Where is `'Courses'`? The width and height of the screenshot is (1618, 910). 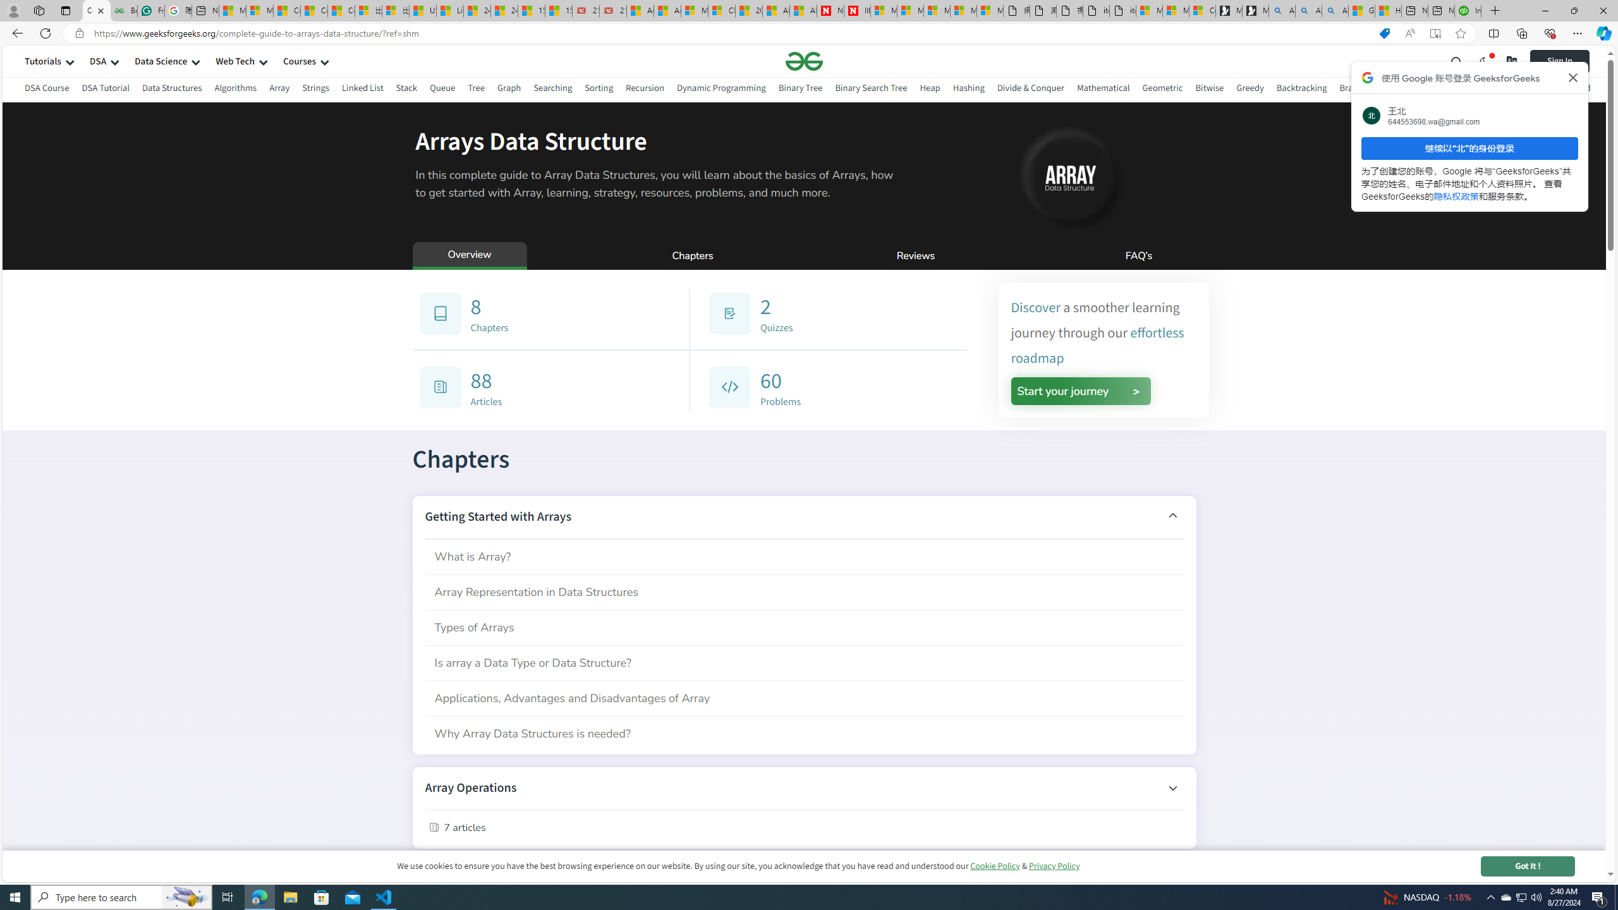 'Courses' is located at coordinates (298, 61).